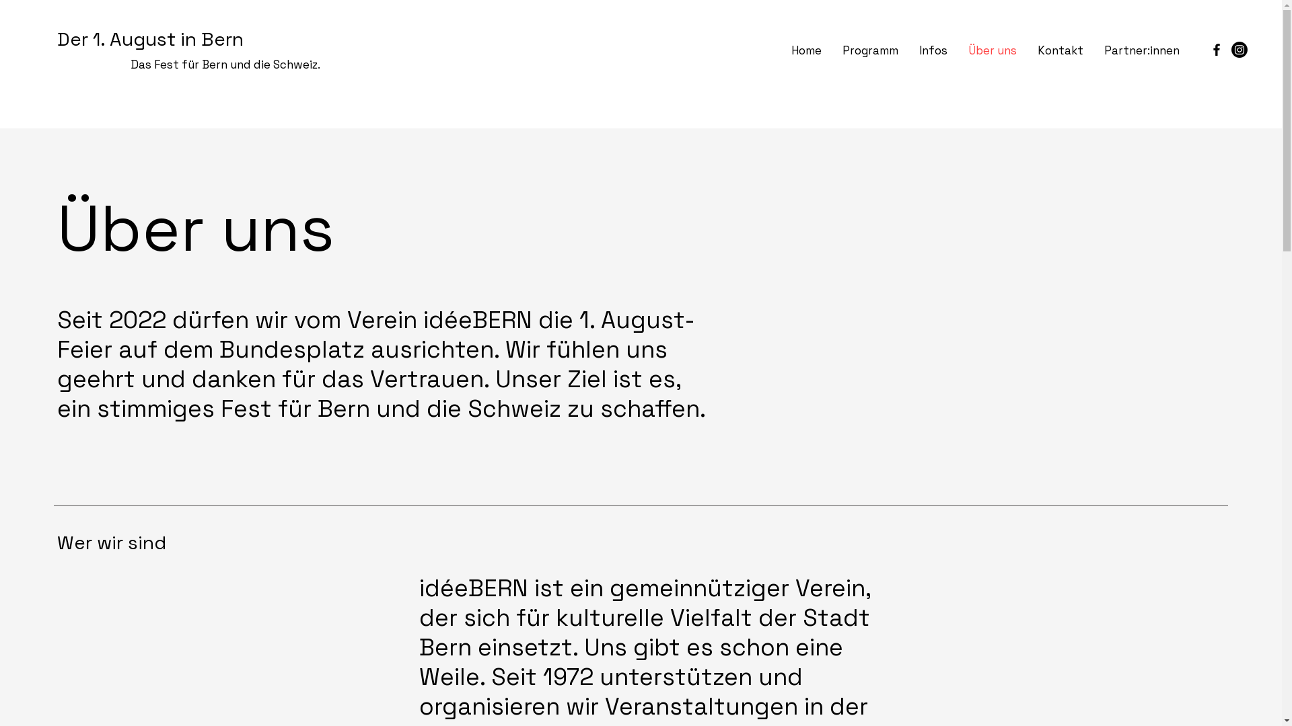 This screenshot has height=726, width=1292. Describe the element at coordinates (1141, 49) in the screenshot. I see `'Partner:innen'` at that location.